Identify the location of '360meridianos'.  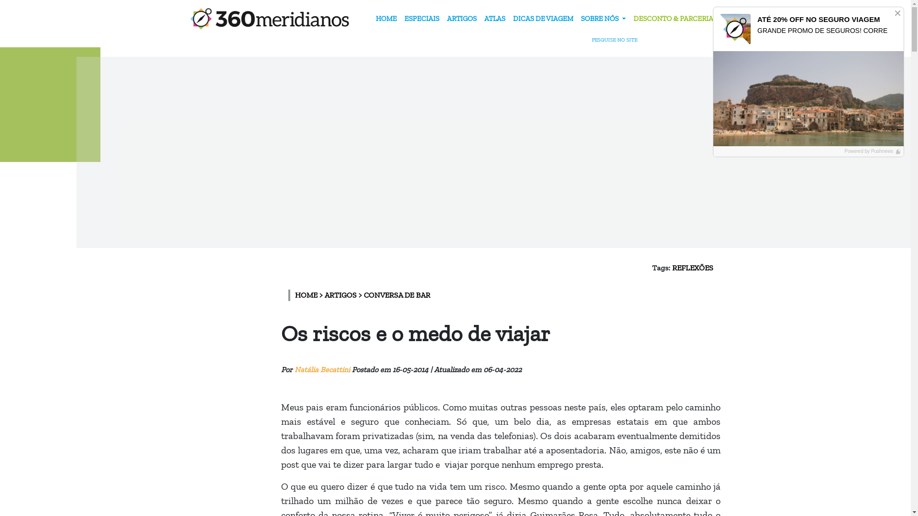
(269, 19).